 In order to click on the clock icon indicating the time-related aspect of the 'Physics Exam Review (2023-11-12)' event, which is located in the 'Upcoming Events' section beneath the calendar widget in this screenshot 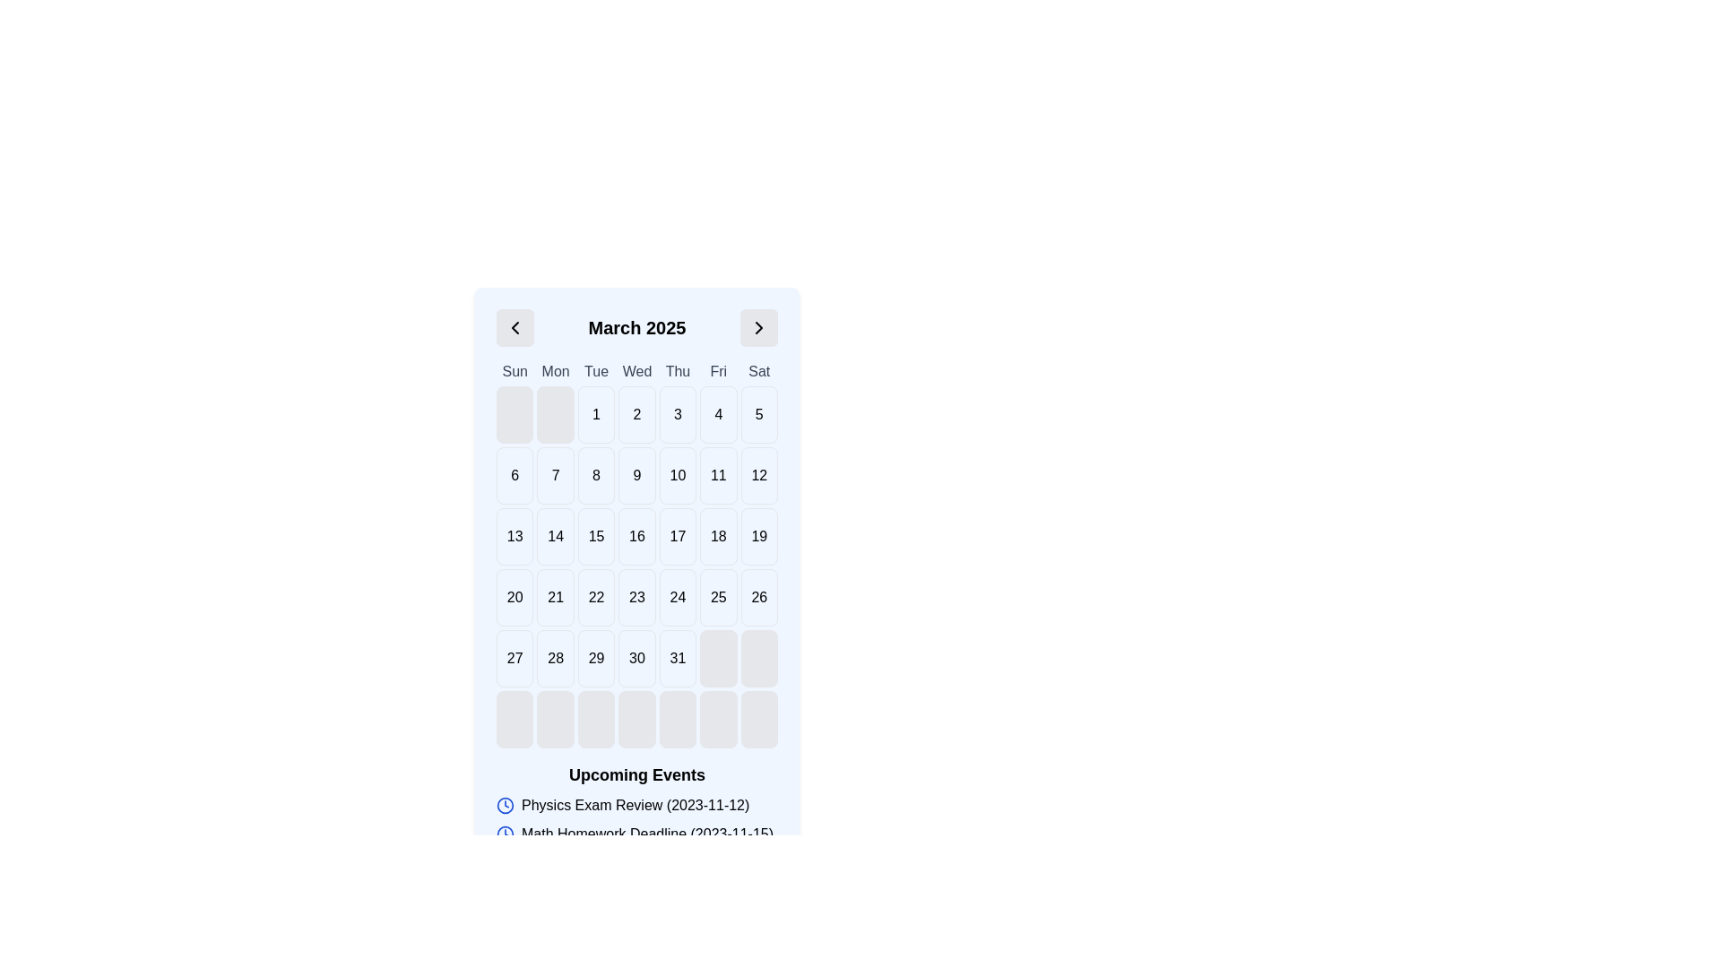, I will do `click(505, 804)`.